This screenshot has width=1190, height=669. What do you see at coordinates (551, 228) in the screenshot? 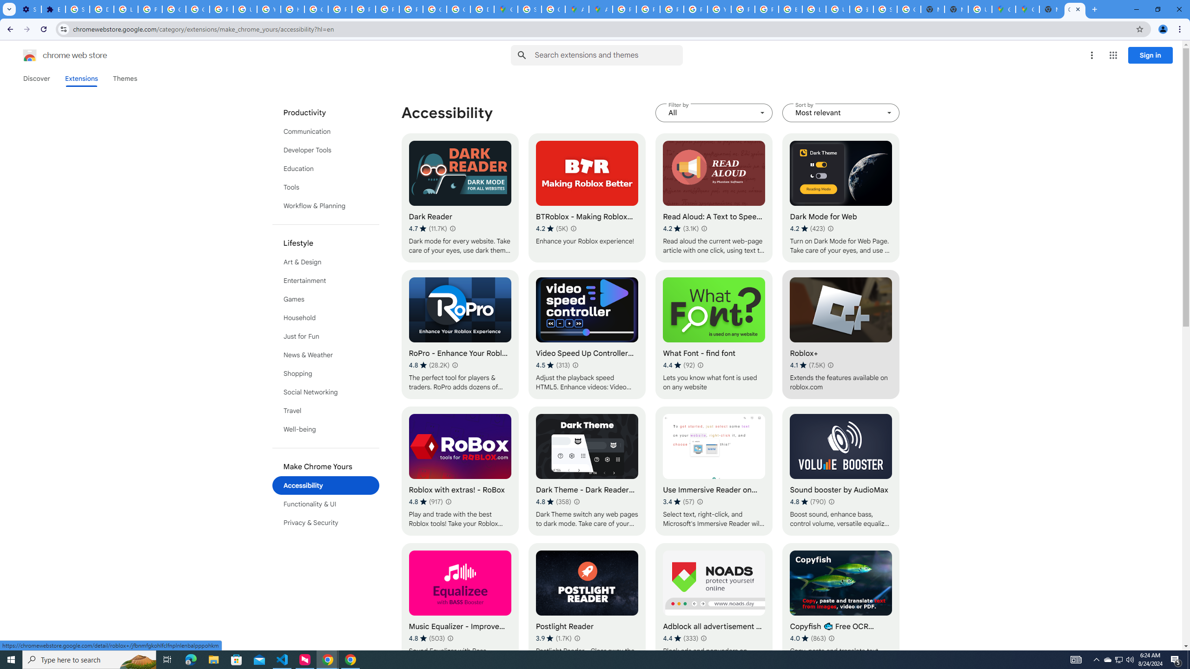
I see `'Average rating 4.2 out of 5 stars. 5K ratings.'` at bounding box center [551, 228].